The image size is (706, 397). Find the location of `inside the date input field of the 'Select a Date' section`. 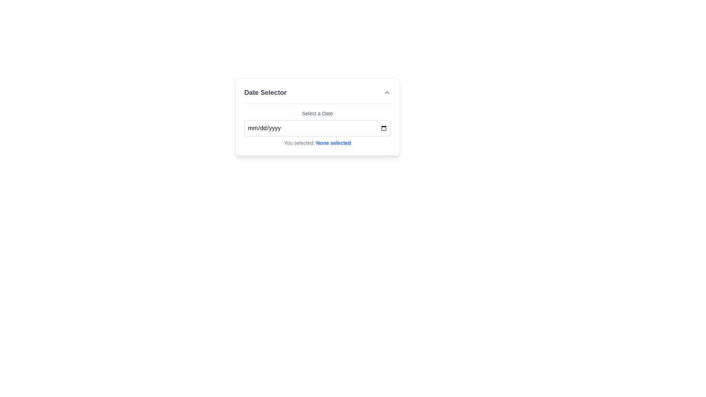

inside the date input field of the 'Select a Date' section is located at coordinates (317, 128).